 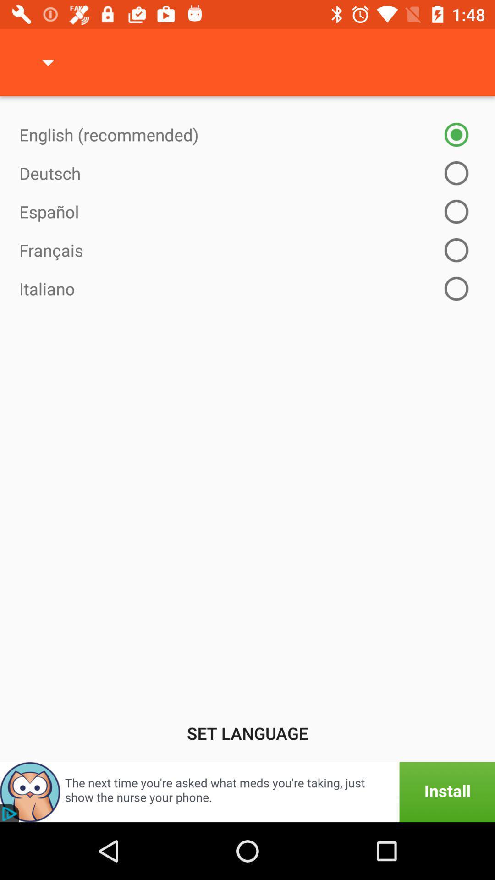 I want to click on advertisement, so click(x=247, y=792).